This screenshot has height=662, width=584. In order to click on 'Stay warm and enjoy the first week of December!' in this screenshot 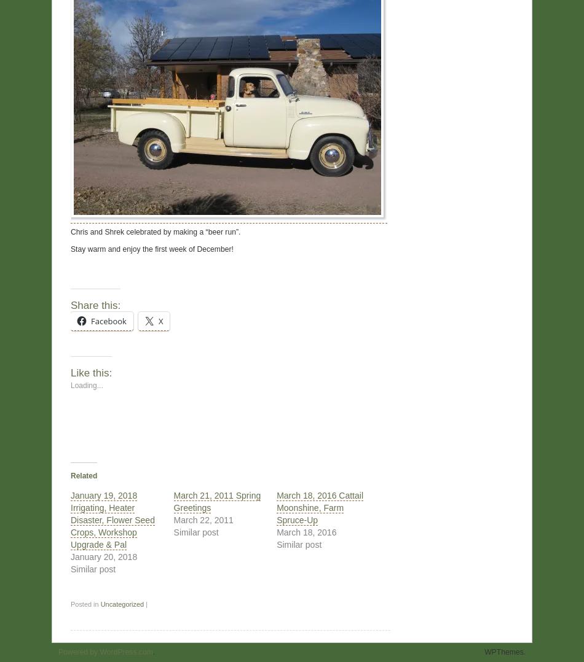, I will do `click(151, 248)`.